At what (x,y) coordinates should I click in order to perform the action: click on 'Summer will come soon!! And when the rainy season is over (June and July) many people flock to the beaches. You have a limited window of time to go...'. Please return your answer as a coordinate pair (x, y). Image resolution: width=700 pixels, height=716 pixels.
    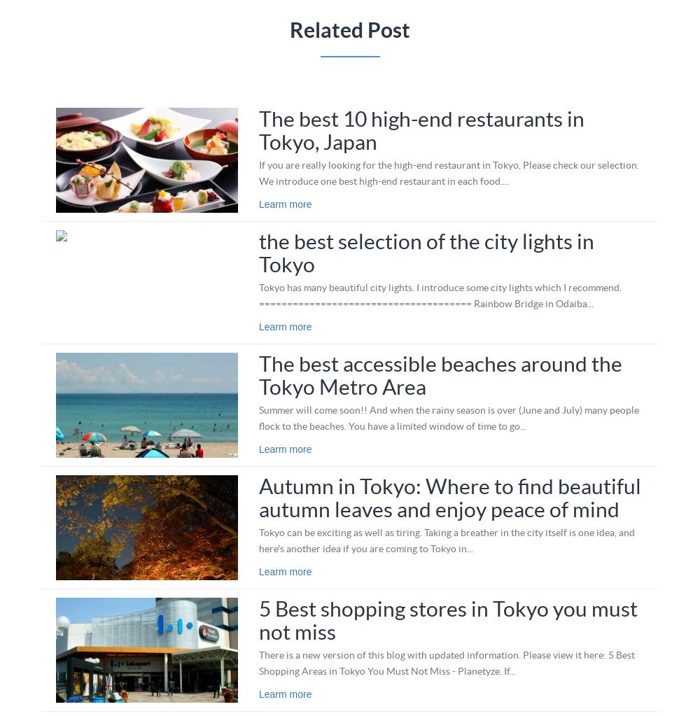
    Looking at the image, I should click on (448, 416).